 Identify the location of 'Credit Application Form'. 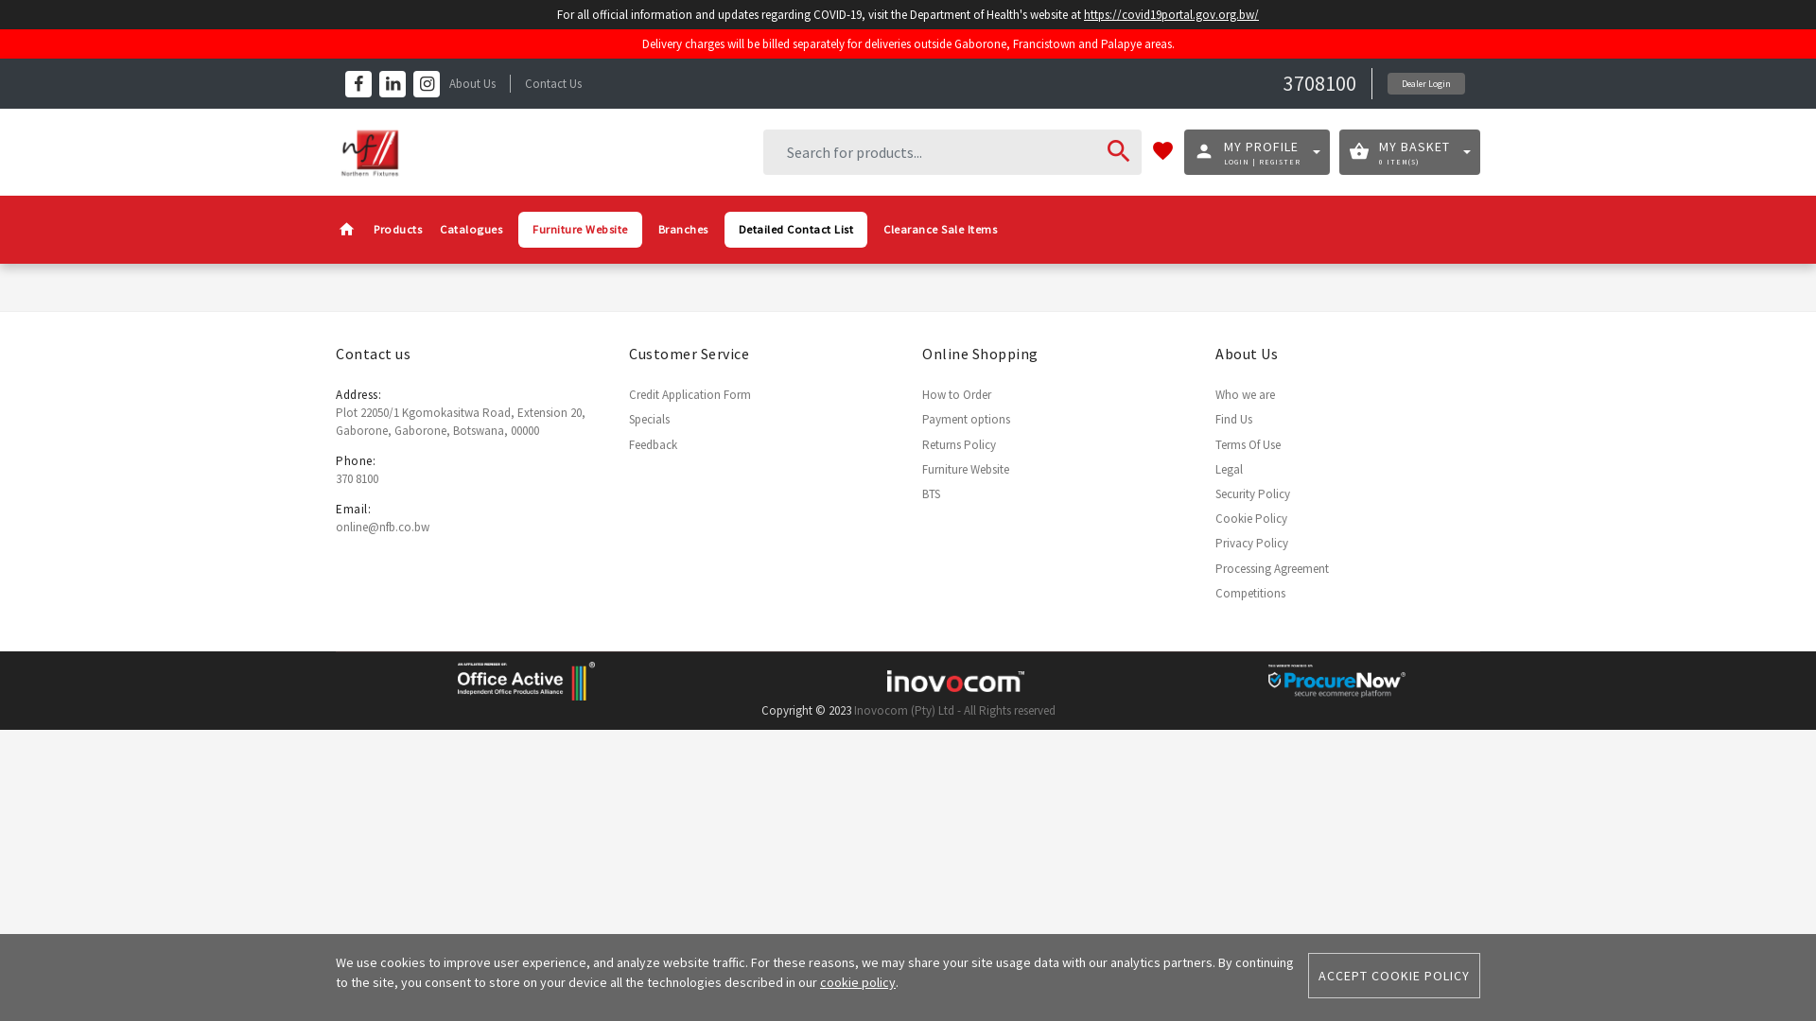
(689, 393).